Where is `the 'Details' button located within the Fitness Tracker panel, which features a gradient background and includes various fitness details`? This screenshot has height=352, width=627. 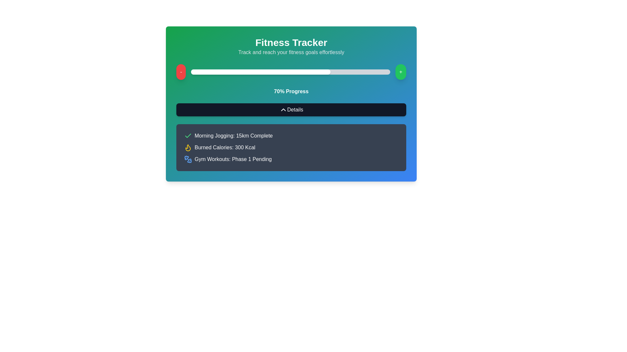 the 'Details' button located within the Fitness Tracker panel, which features a gradient background and includes various fitness details is located at coordinates (291, 104).